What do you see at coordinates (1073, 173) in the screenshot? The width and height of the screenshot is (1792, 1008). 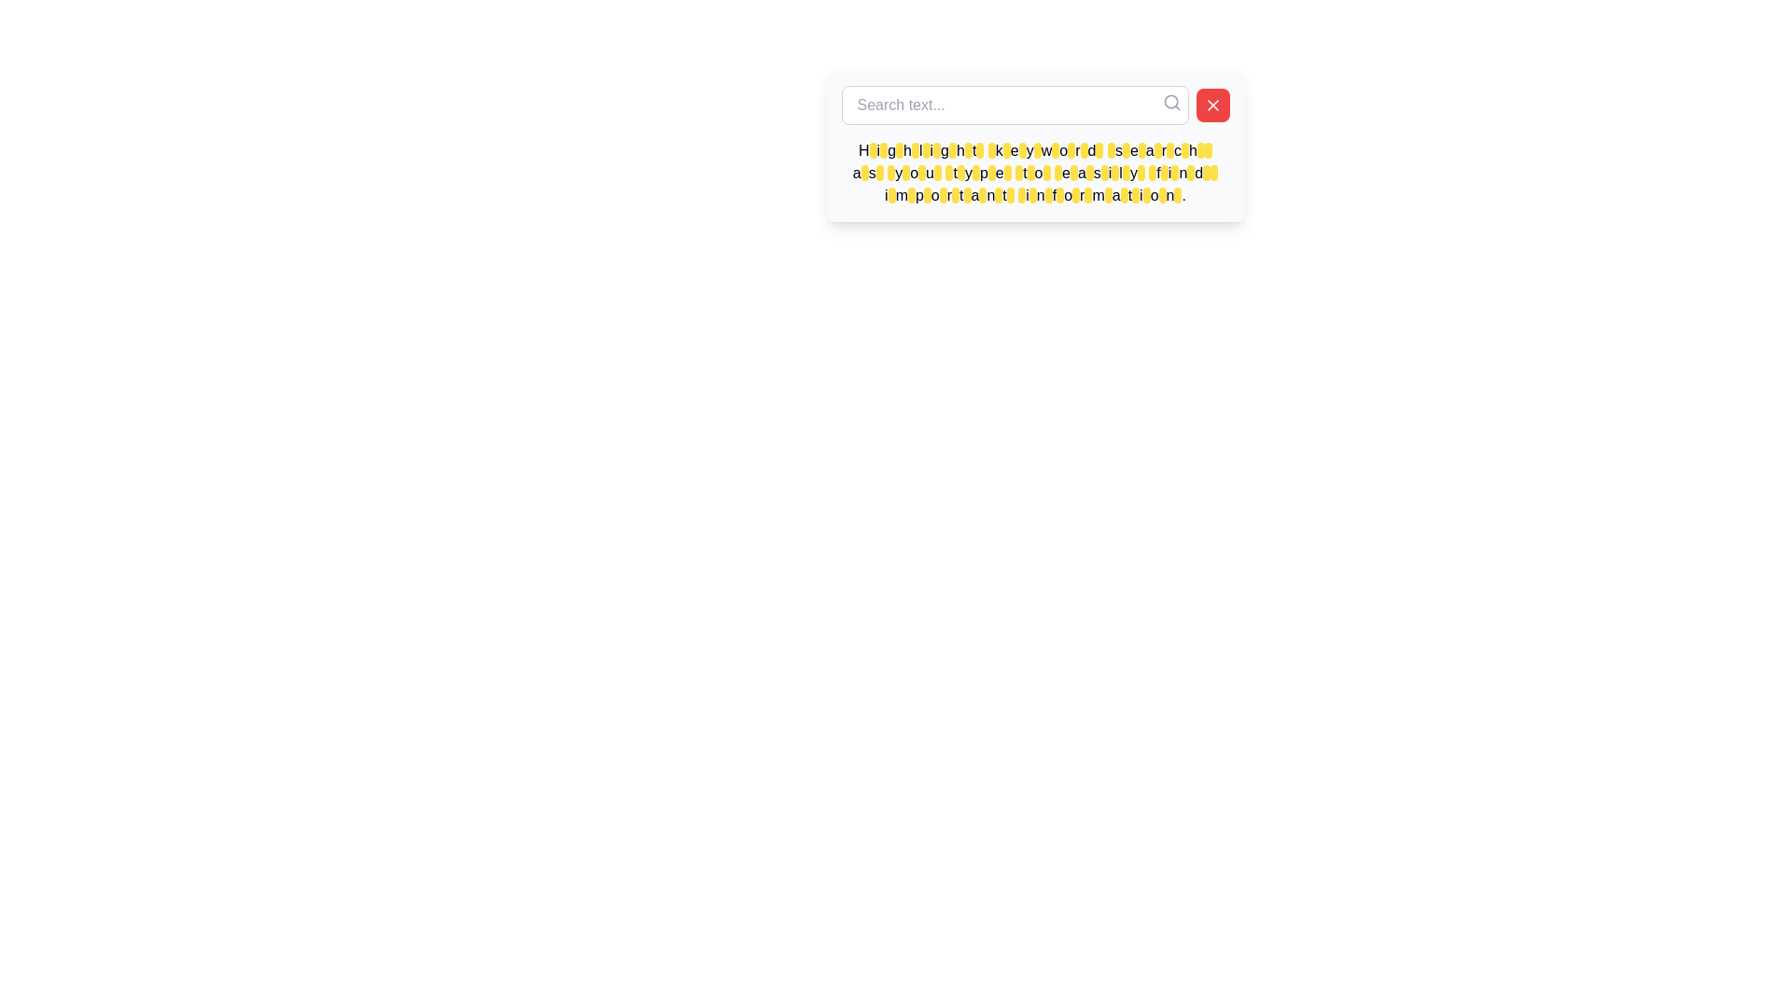 I see `the highlight segment located in the middle of the second line of the text statement, which is part of a group of similar highlighted rectangles` at bounding box center [1073, 173].